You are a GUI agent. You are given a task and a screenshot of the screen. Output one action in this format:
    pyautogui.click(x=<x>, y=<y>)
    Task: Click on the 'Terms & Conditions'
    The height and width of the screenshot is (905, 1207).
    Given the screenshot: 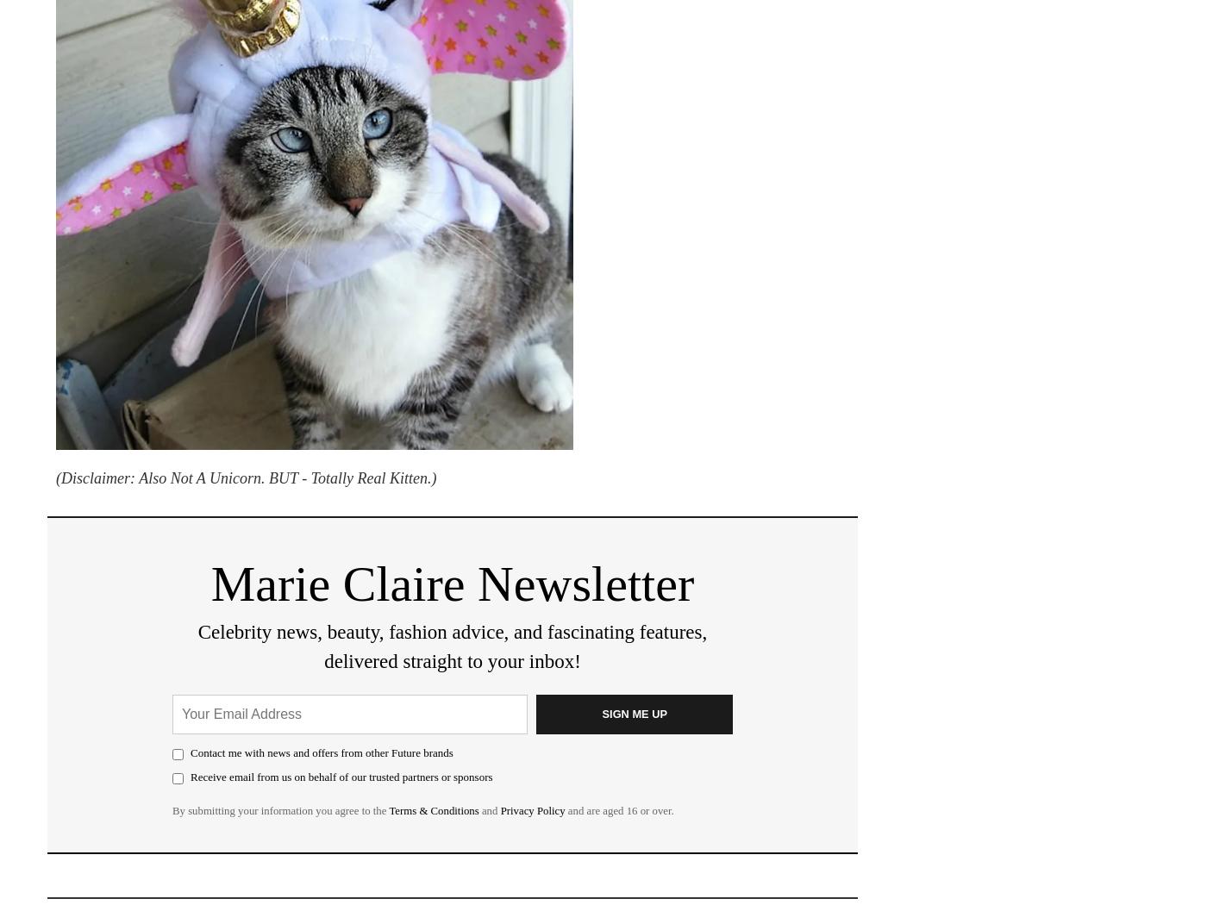 What is the action you would take?
    pyautogui.click(x=433, y=808)
    